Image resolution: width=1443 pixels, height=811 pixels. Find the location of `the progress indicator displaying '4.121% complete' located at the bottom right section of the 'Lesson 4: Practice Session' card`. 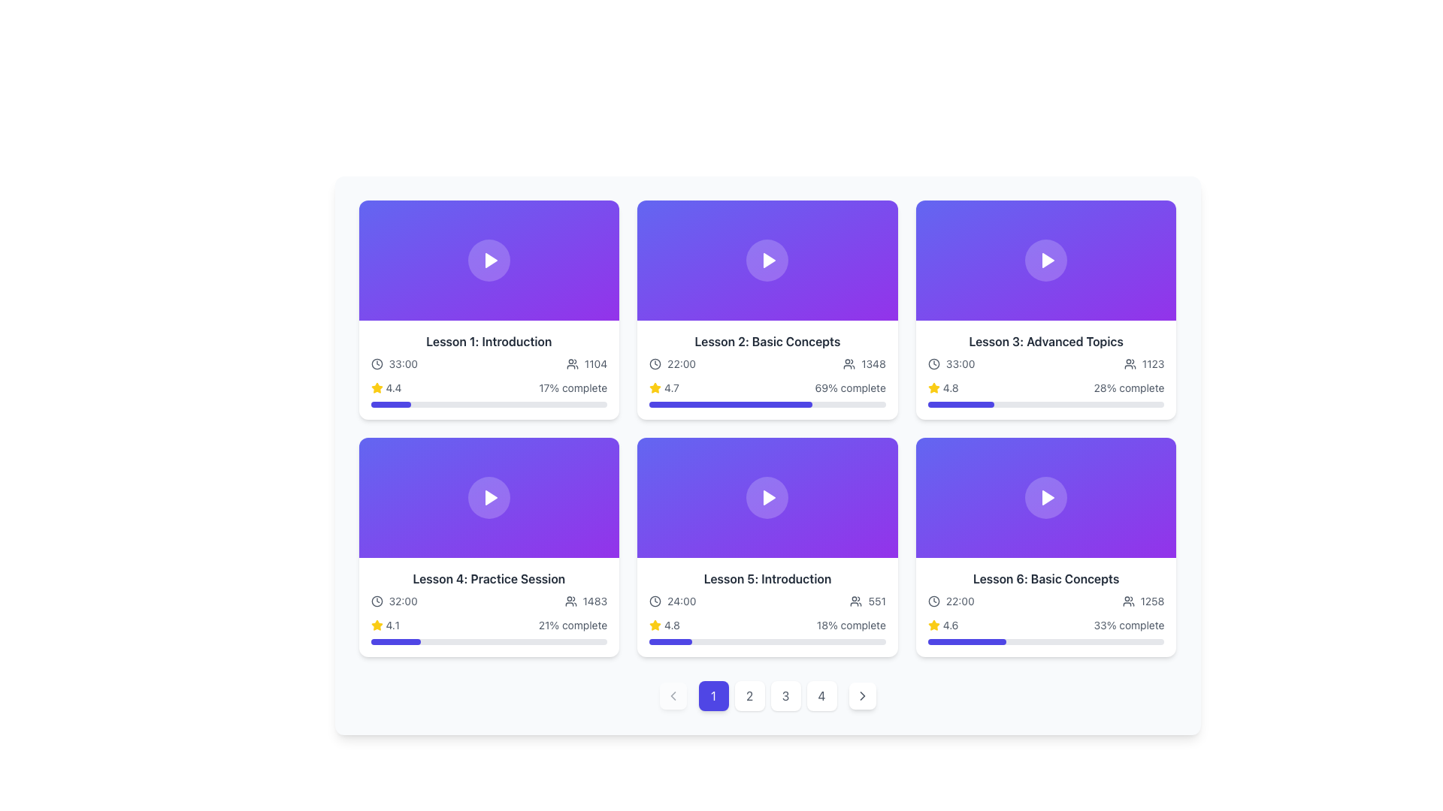

the progress indicator displaying '4.121% complete' located at the bottom right section of the 'Lesson 4: Practice Session' card is located at coordinates (489, 631).